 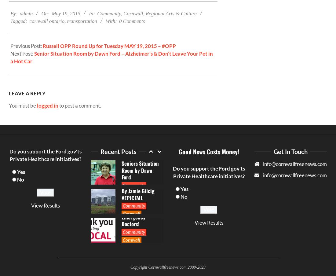 What do you see at coordinates (109, 45) in the screenshot?
I see `'Russell OPP Round Up for Tuesday MAY 19, 2015 – #OPP'` at bounding box center [109, 45].